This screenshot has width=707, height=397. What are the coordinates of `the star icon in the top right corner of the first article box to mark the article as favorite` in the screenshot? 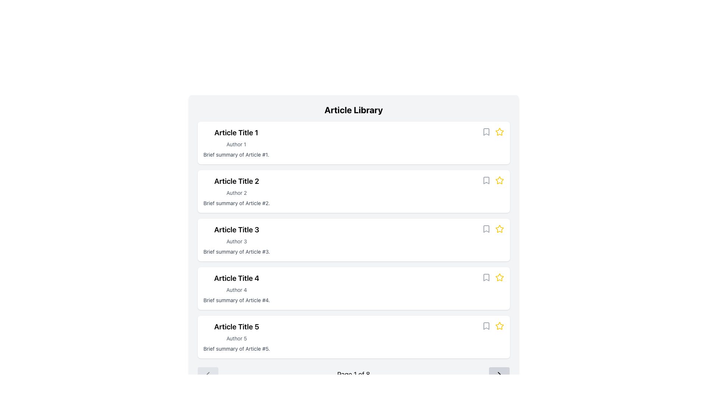 It's located at (493, 131).